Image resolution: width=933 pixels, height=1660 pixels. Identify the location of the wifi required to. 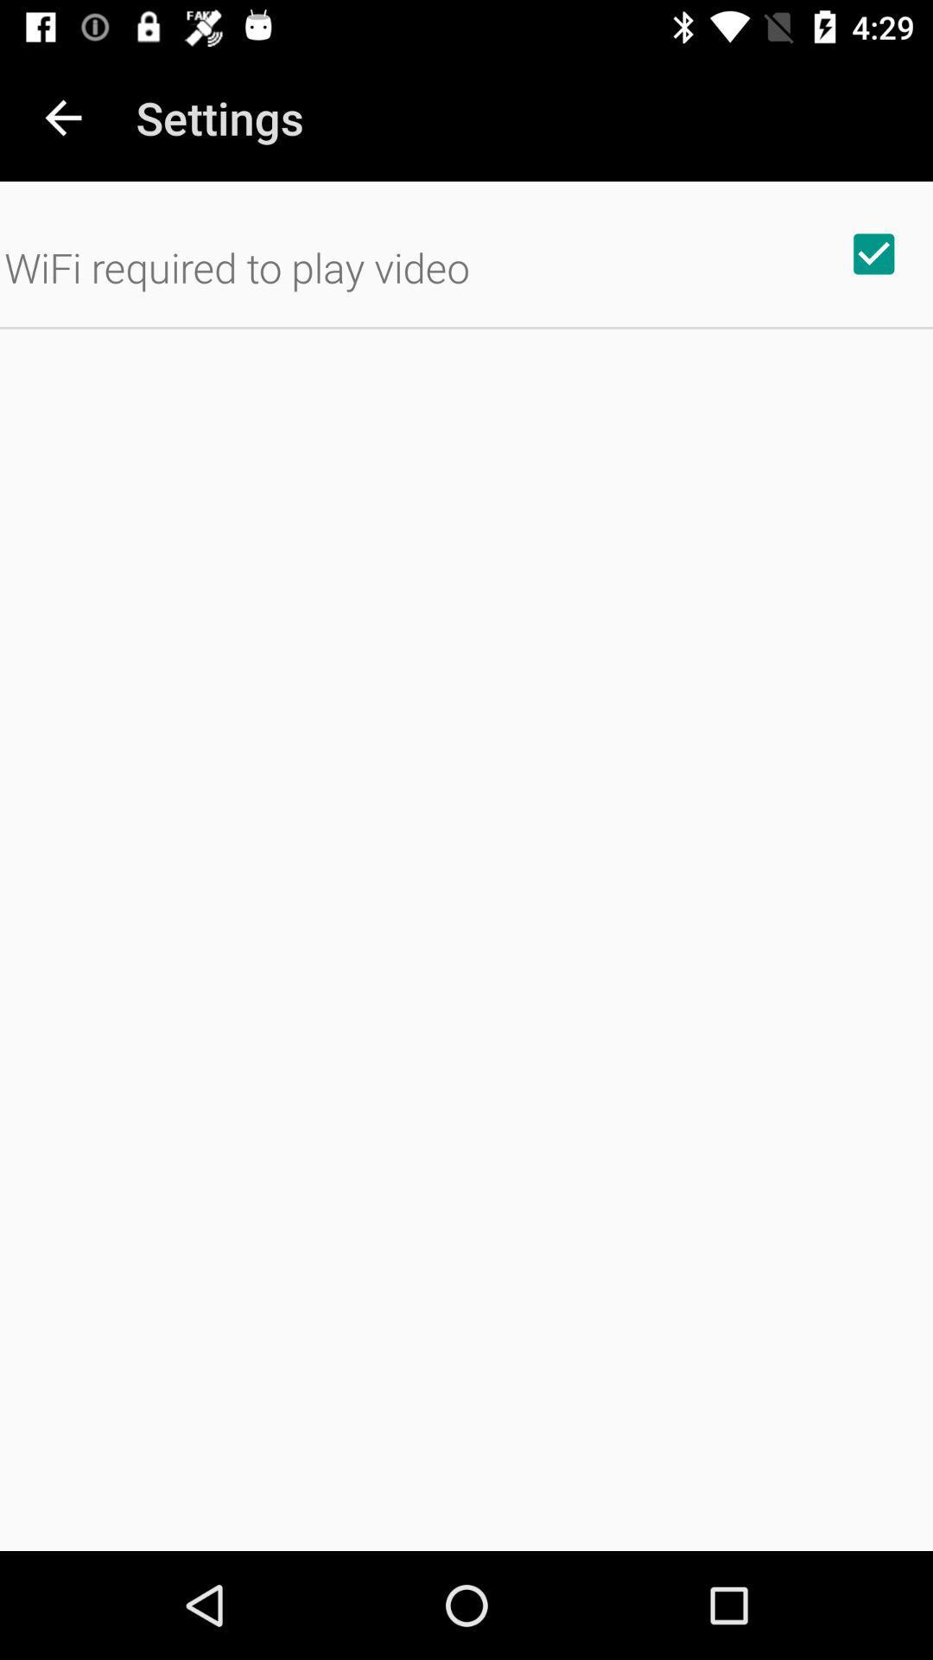
(237, 266).